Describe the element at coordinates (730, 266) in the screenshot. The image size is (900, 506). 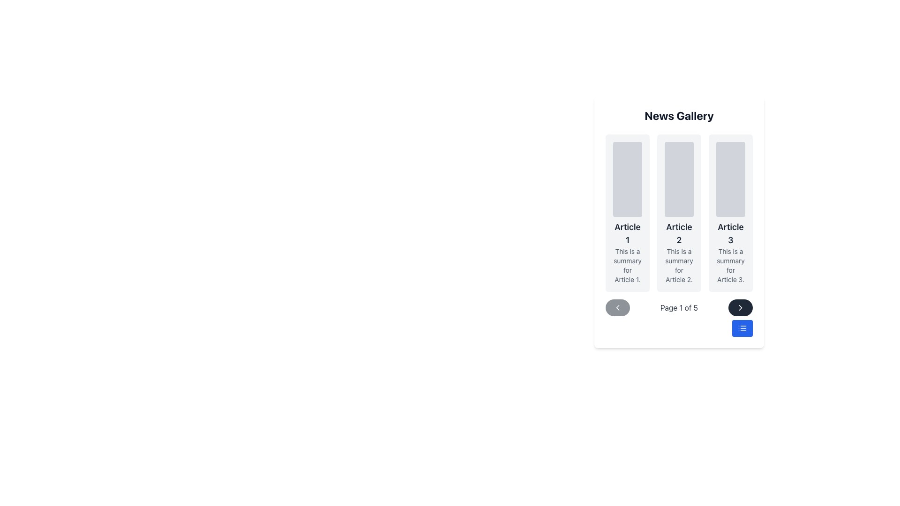
I see `the text label stating 'This is a summary for Article 3.' which is styled in subdued gray and located below the heading 'Article 3' in the third column of the gallery list` at that location.